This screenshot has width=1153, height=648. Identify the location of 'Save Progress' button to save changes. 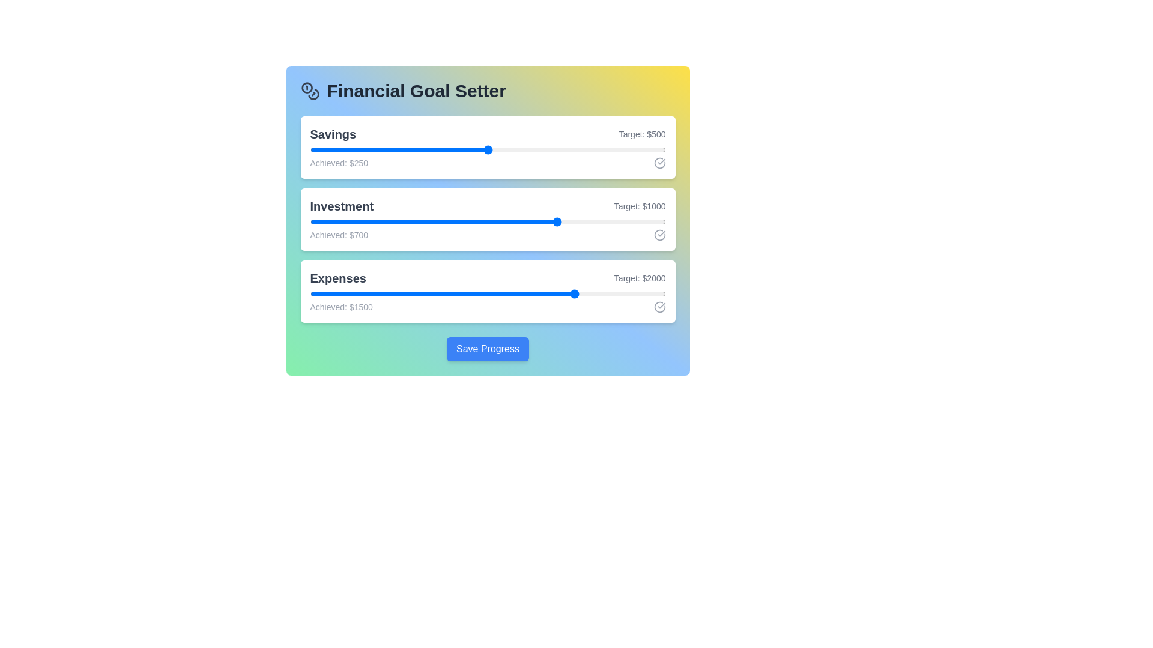
(488, 349).